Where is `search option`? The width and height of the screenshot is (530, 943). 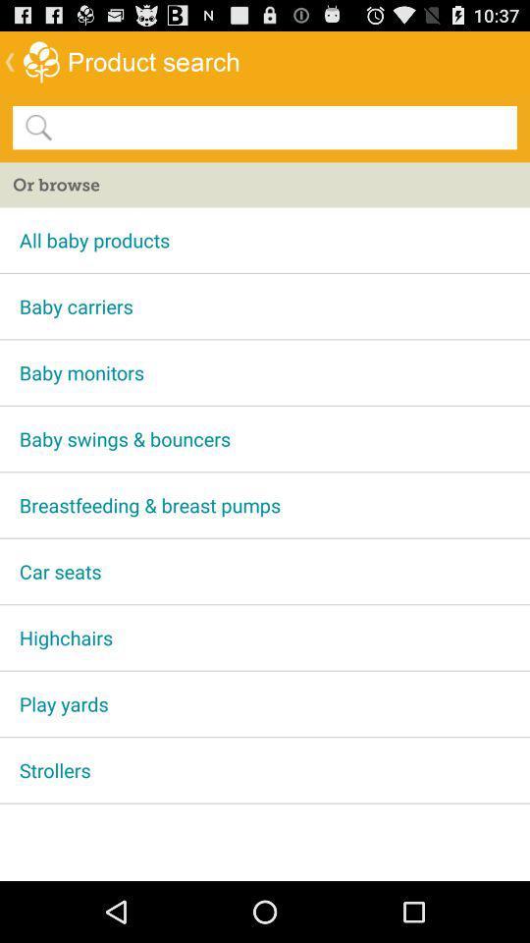
search option is located at coordinates (283, 126).